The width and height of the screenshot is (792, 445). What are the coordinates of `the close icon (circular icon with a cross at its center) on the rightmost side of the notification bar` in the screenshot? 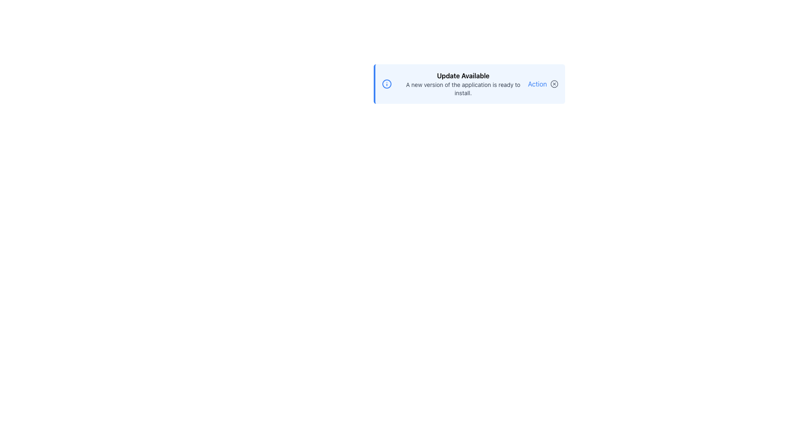 It's located at (554, 84).